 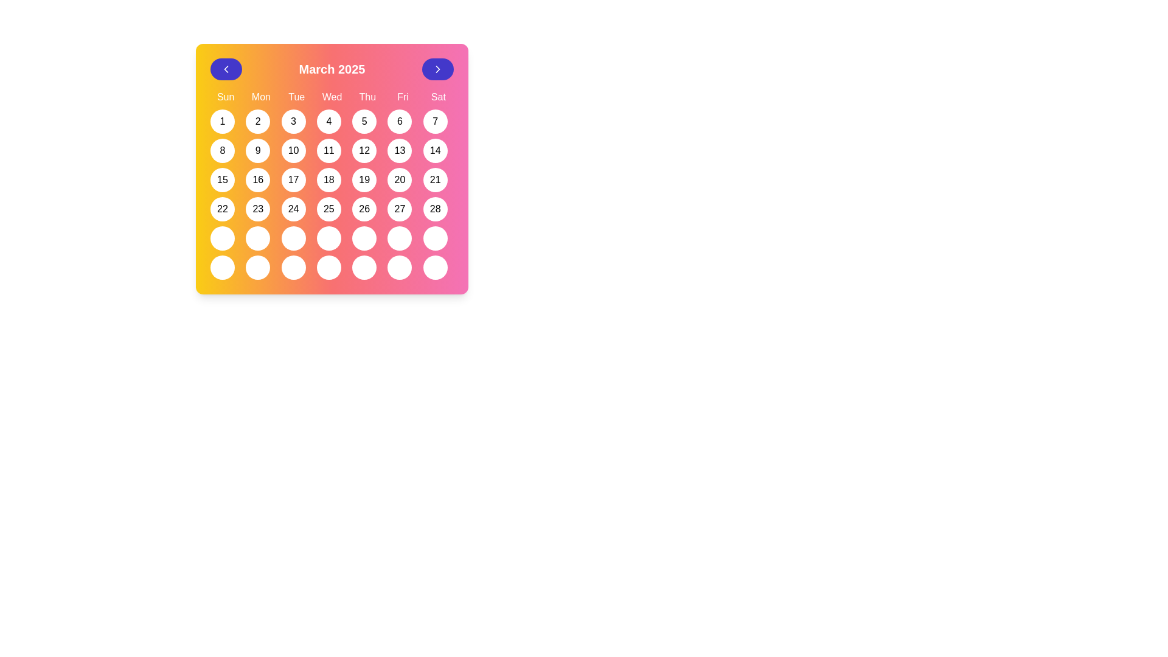 I want to click on the circular button representing the date '18' in the calendar grid under the 'Wed' column in the third week row, so click(x=332, y=185).